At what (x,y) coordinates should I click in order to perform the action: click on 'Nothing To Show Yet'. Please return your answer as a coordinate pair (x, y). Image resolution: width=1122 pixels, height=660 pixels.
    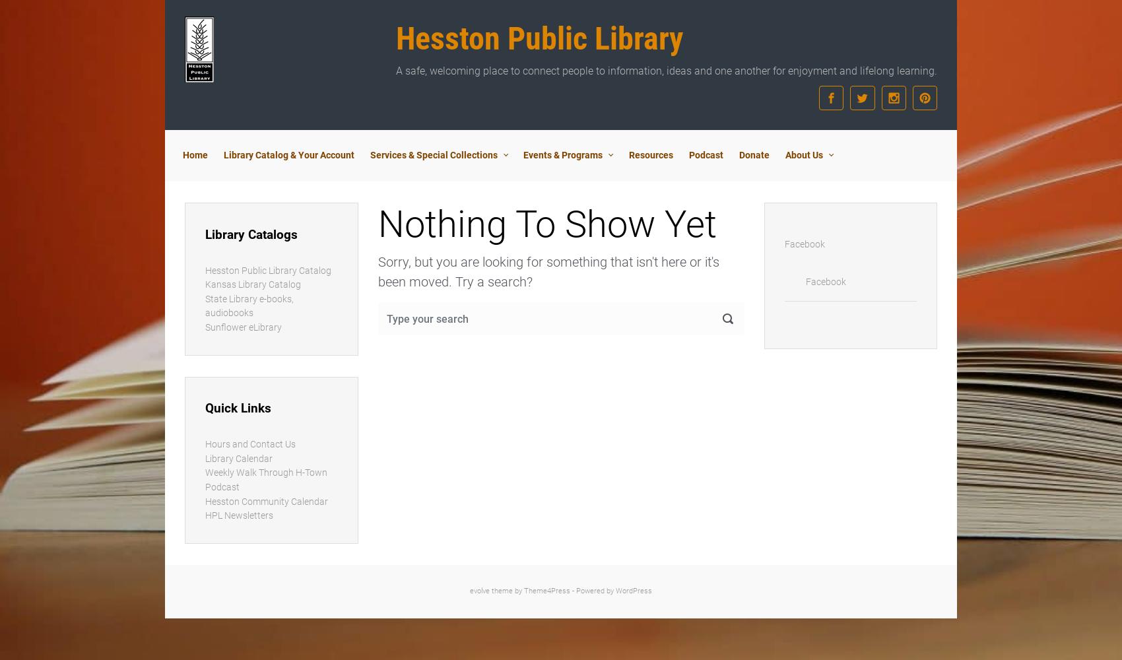
    Looking at the image, I should click on (546, 224).